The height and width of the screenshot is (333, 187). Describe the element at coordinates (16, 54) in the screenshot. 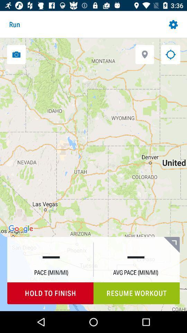

I see `the photo icon` at that location.